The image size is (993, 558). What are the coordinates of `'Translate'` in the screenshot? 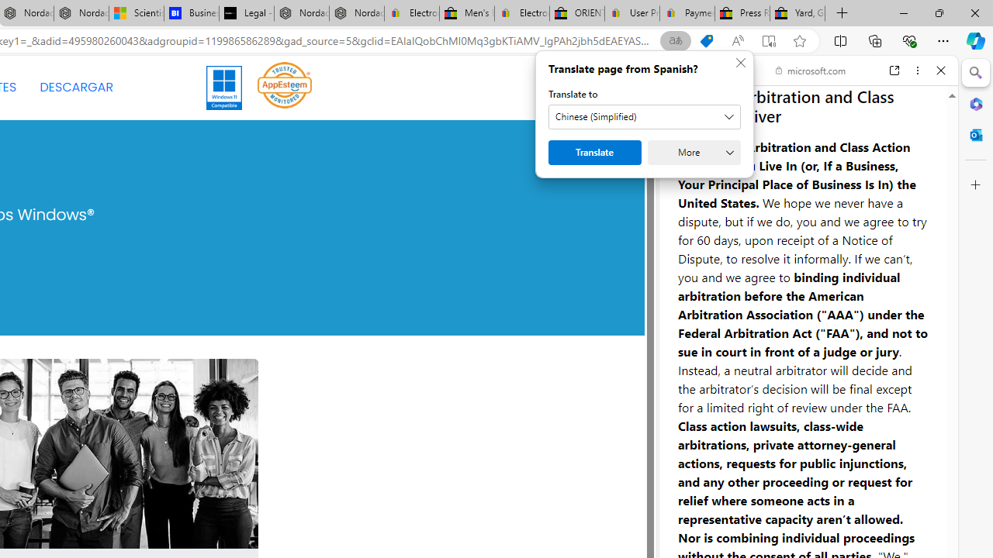 It's located at (593, 152).